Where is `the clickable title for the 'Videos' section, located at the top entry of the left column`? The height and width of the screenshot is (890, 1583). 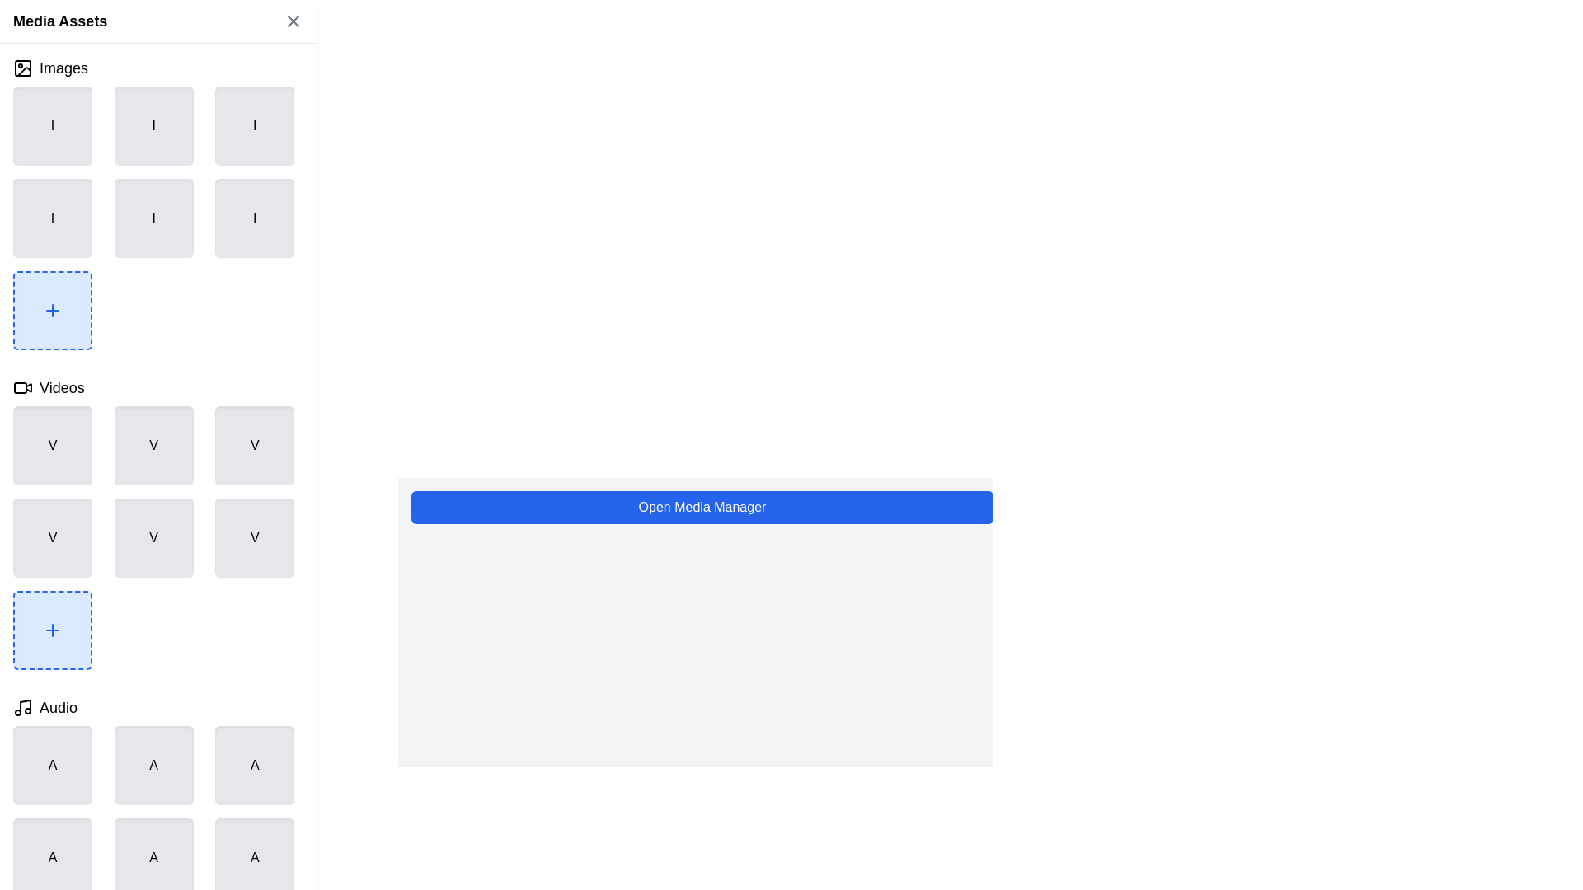 the clickable title for the 'Videos' section, located at the top entry of the left column is located at coordinates (49, 387).